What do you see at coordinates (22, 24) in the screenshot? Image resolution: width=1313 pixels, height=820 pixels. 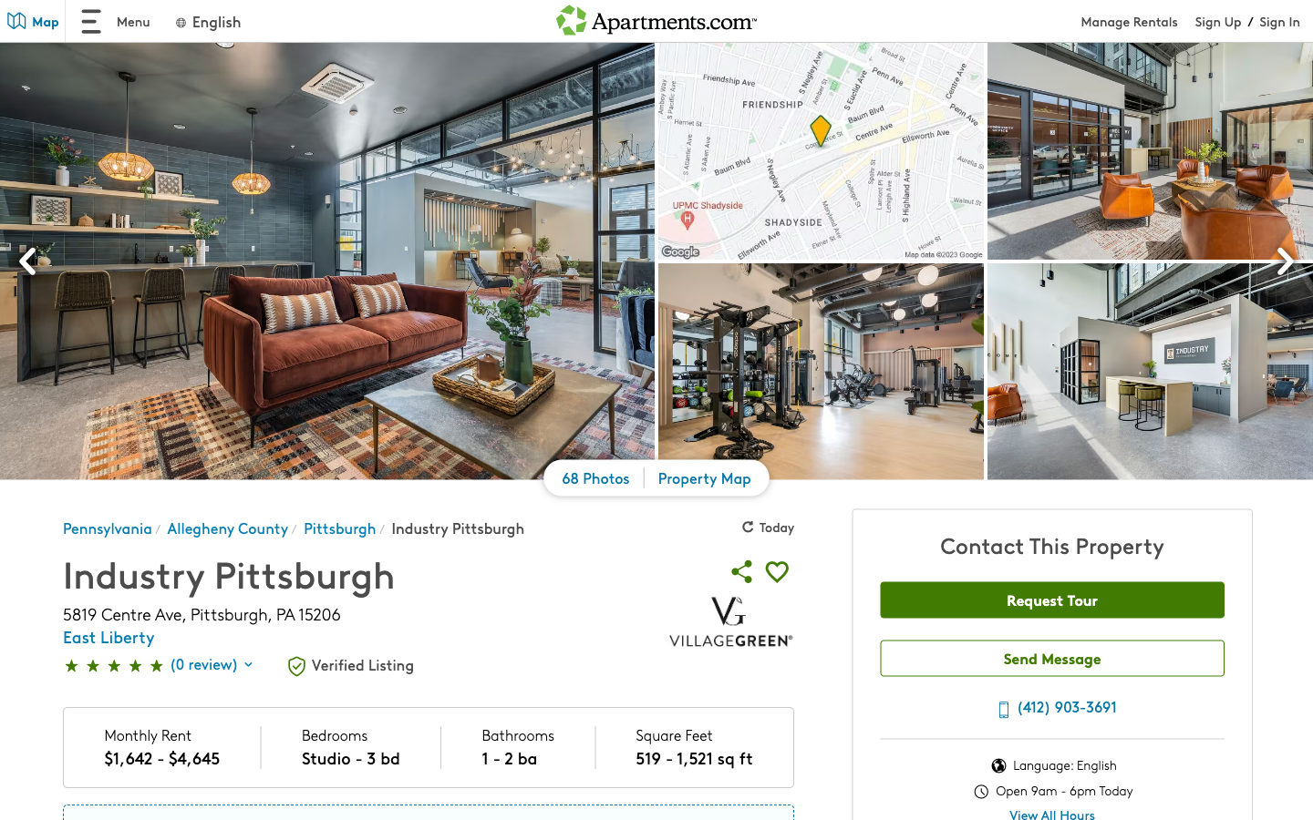 I see `the map interface` at bounding box center [22, 24].